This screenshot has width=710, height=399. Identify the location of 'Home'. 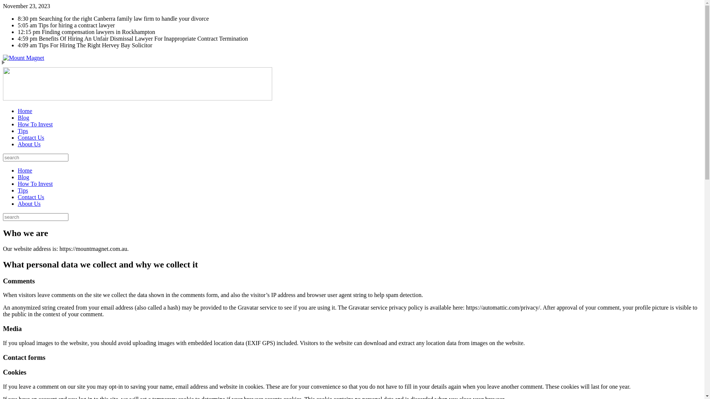
(25, 170).